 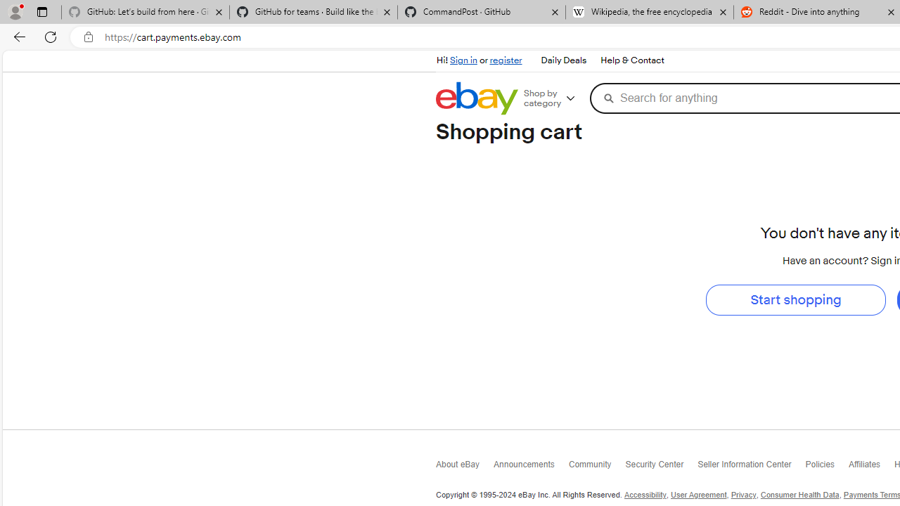 I want to click on 'Announcements', so click(x=530, y=467).